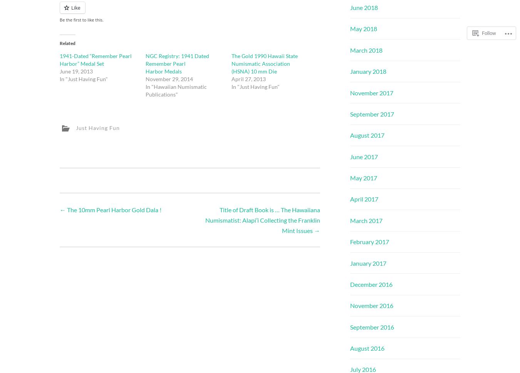 The width and height of the screenshot is (520, 373). Describe the element at coordinates (349, 177) in the screenshot. I see `'May 2017'` at that location.